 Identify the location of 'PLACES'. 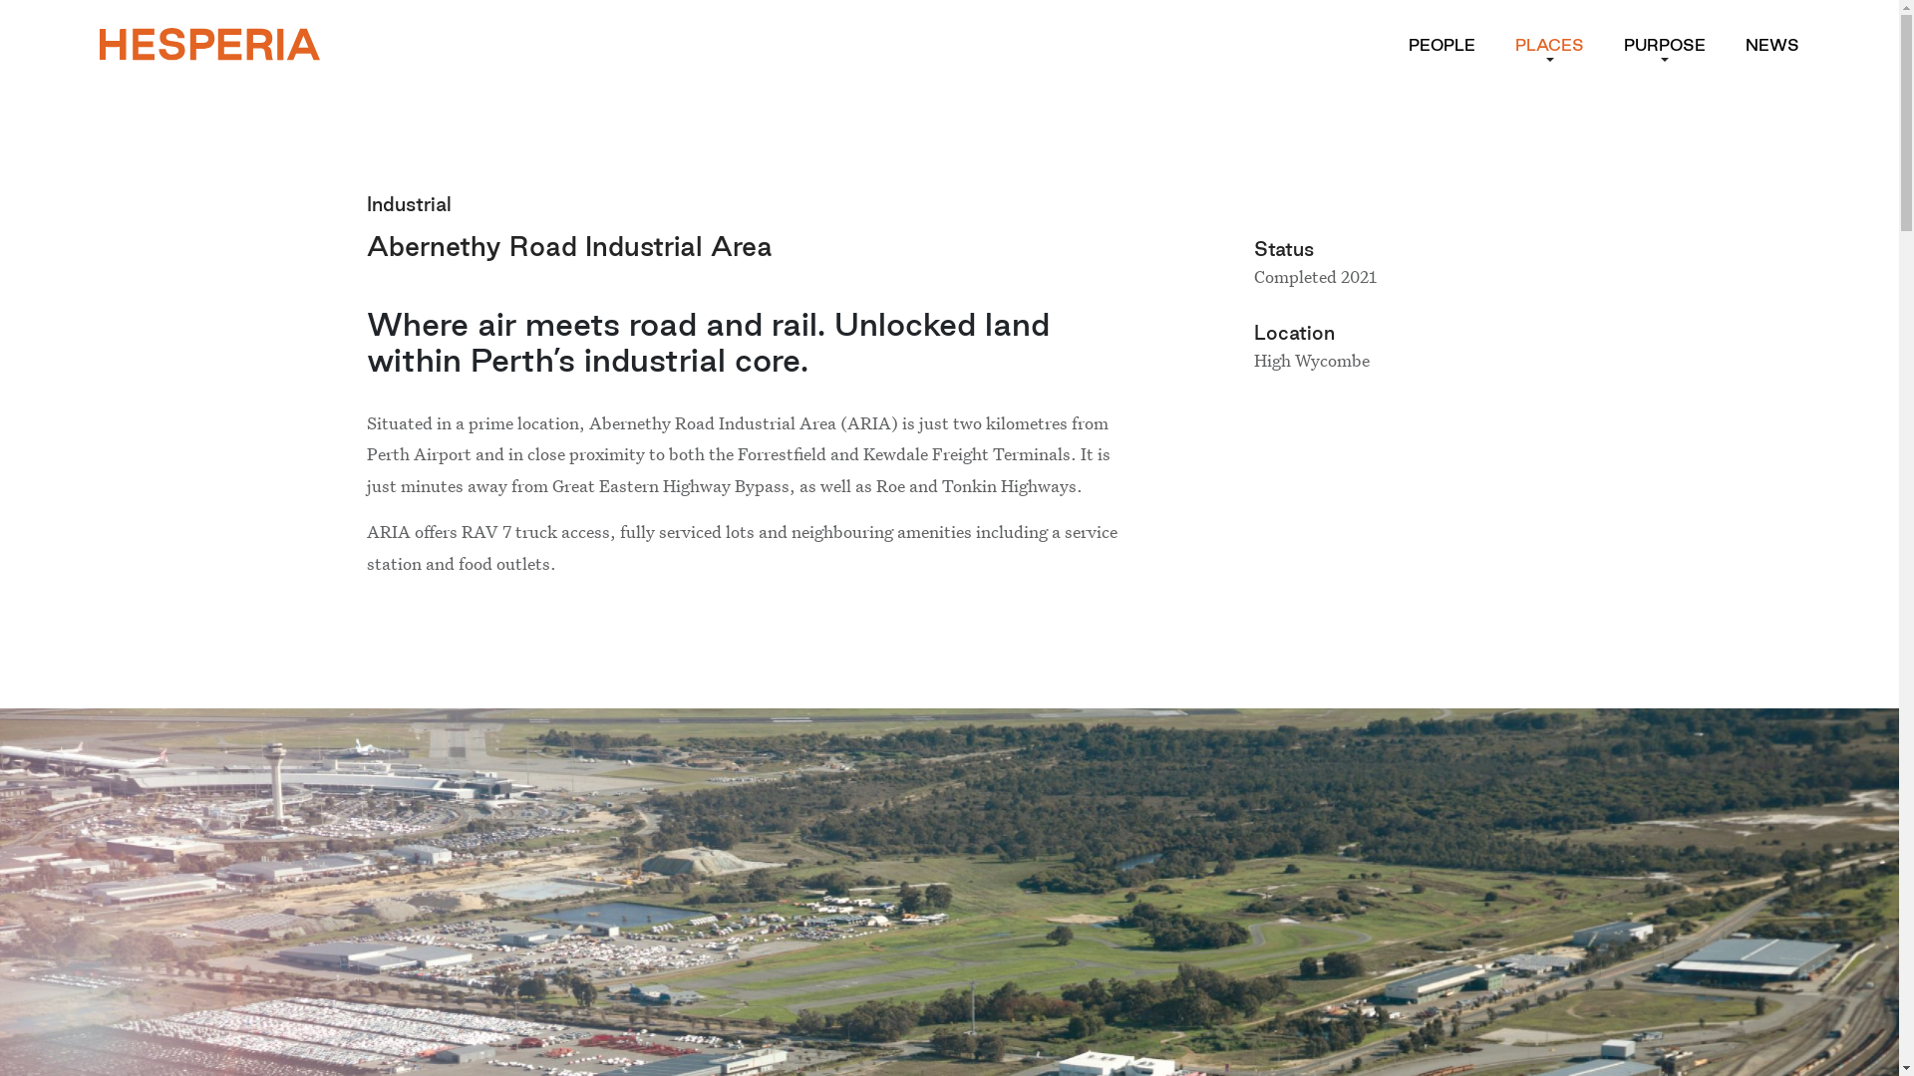
(1548, 45).